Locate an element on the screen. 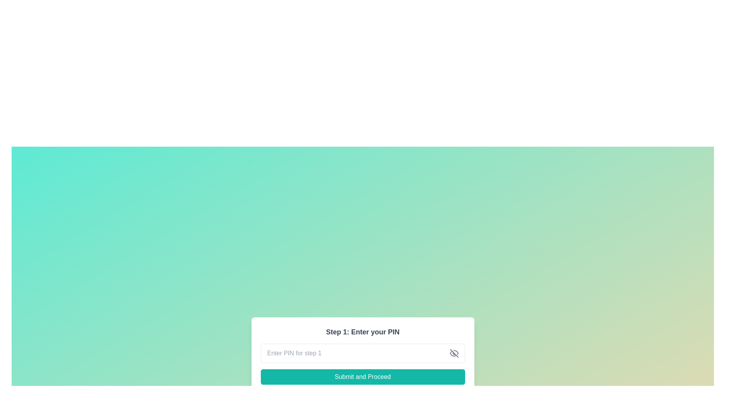  the instructional text label that guides the user to enter their PIN is located at coordinates (362, 331).